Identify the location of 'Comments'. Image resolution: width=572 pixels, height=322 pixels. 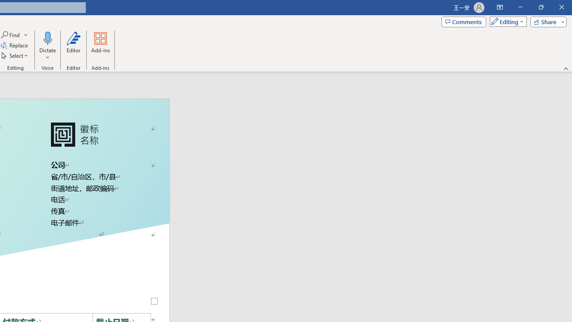
(464, 21).